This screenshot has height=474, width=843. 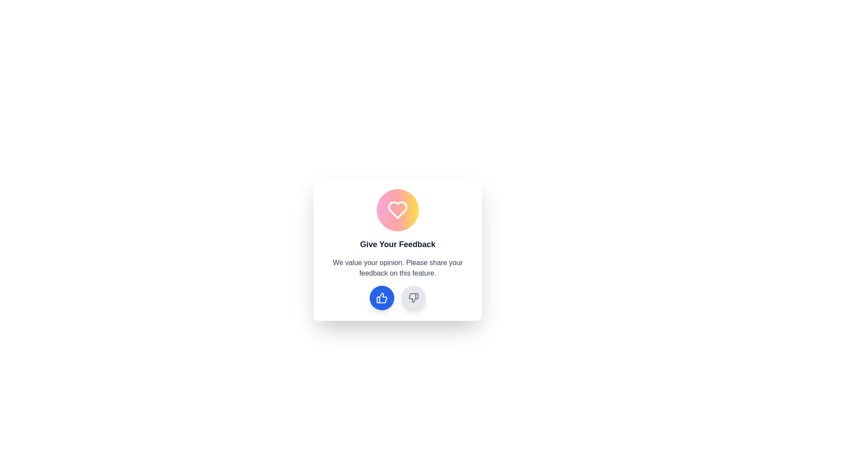 I want to click on the positive feedback button located under the 'Give Your Feedback' heading to observe the transition effect, so click(x=382, y=297).